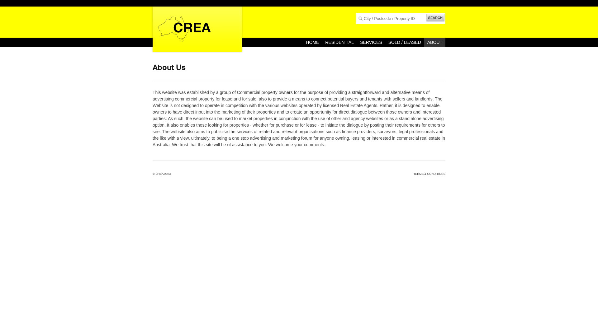  What do you see at coordinates (429, 174) in the screenshot?
I see `'TERMS & CONDITIONS'` at bounding box center [429, 174].